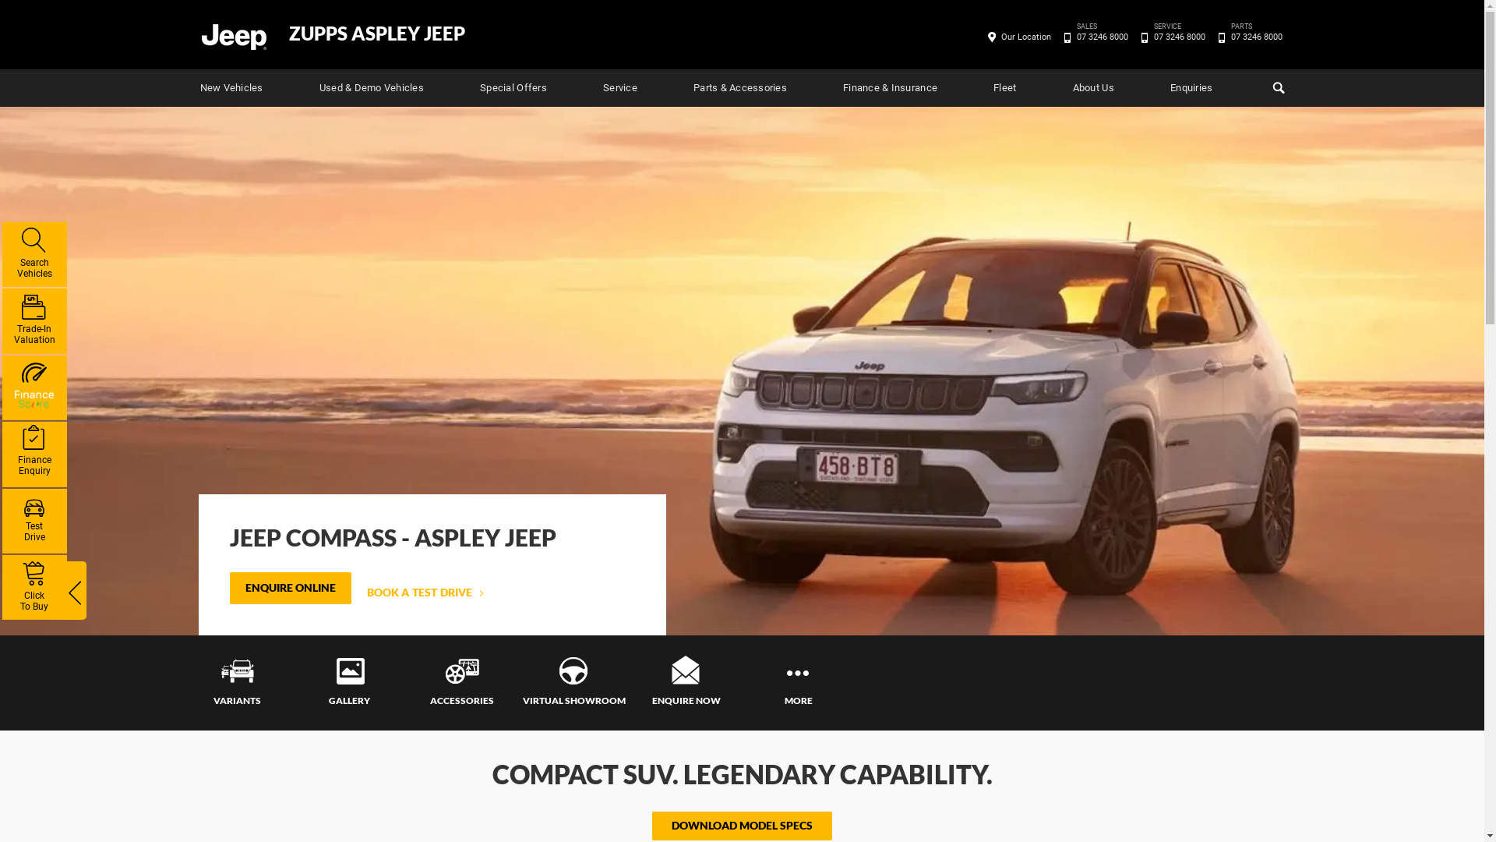 Image resolution: width=1496 pixels, height=842 pixels. Describe the element at coordinates (34, 520) in the screenshot. I see `'Test` at that location.